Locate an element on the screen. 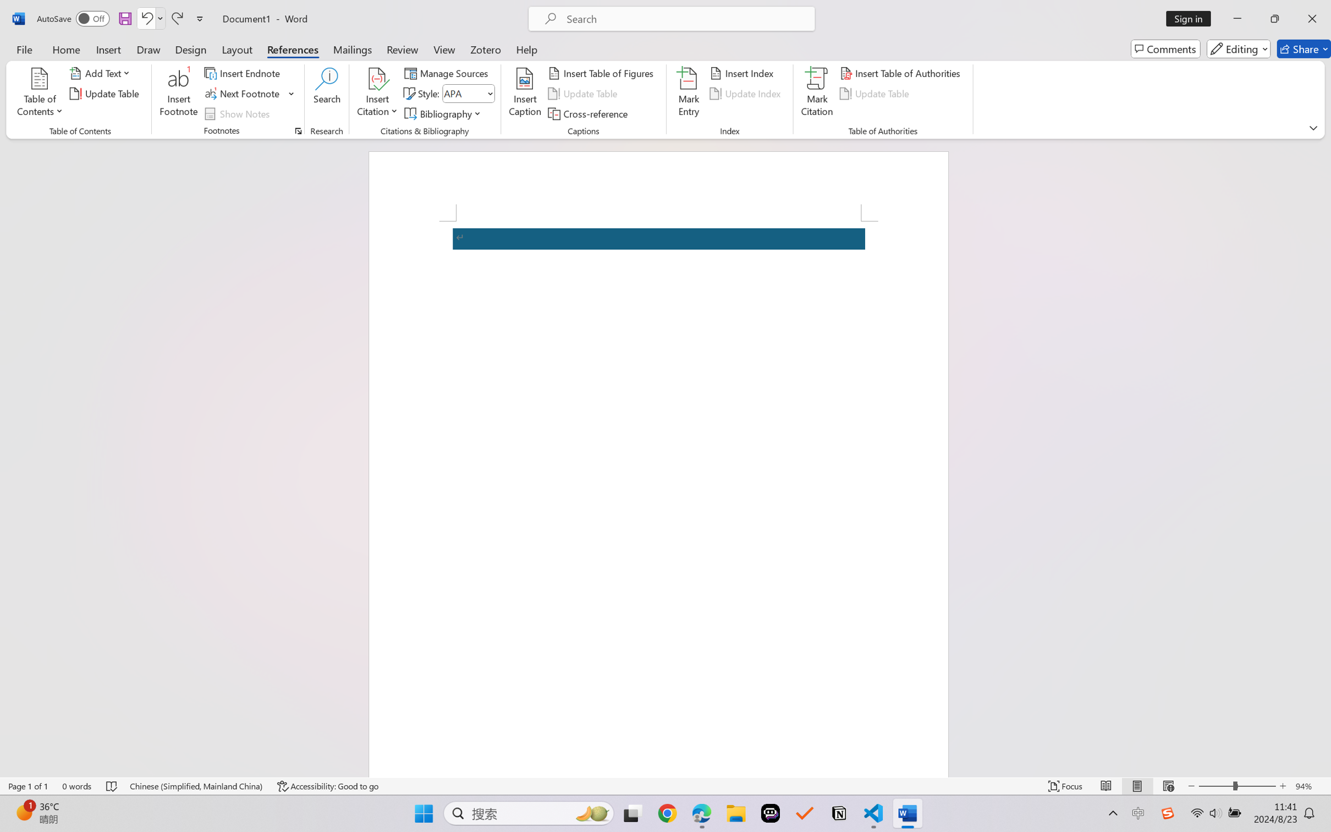 Image resolution: width=1331 pixels, height=832 pixels. 'Mark Entry...' is located at coordinates (689, 94).